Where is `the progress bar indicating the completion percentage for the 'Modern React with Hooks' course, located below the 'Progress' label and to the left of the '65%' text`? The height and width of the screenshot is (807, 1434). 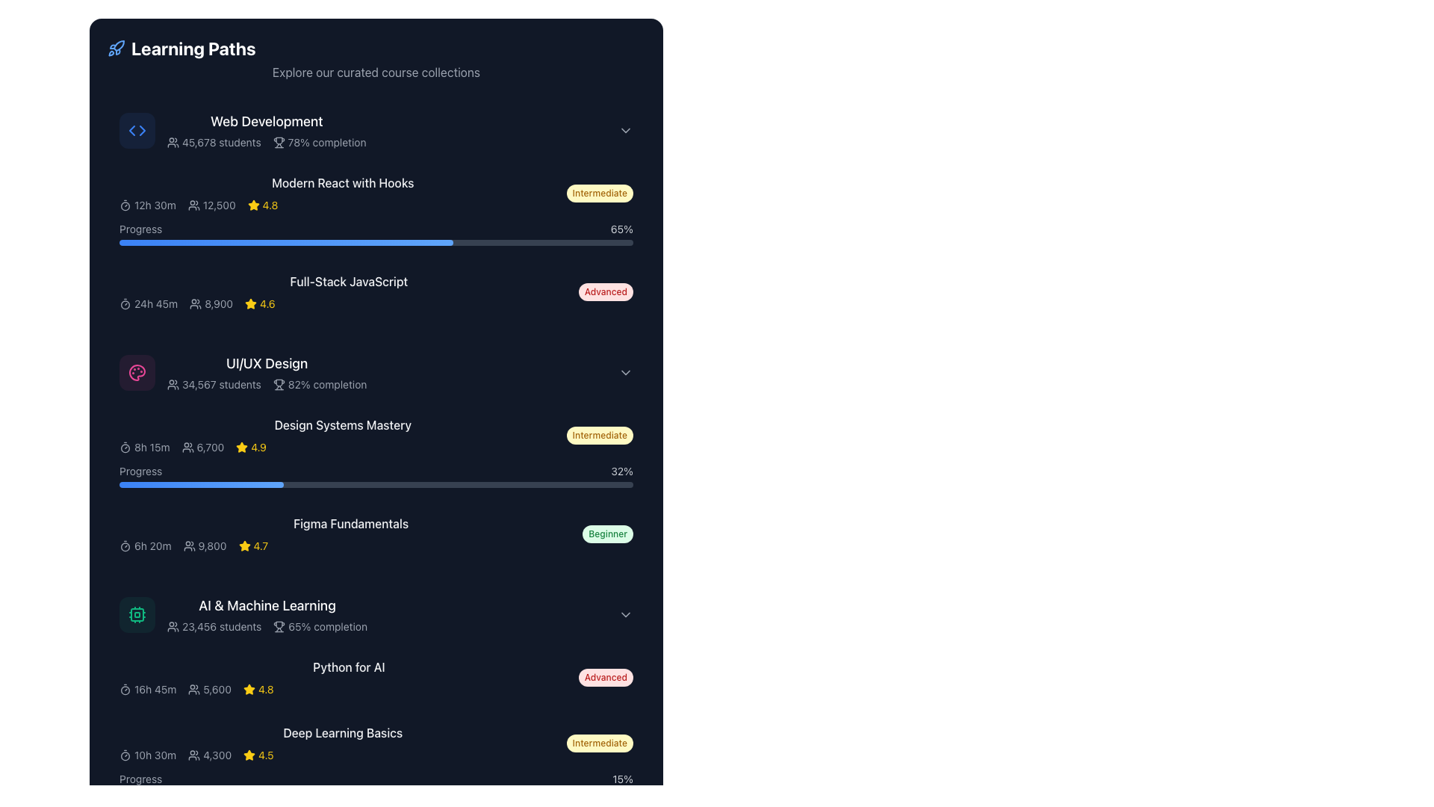 the progress bar indicating the completion percentage for the 'Modern React with Hooks' course, located below the 'Progress' label and to the left of the '65%' text is located at coordinates (376, 241).